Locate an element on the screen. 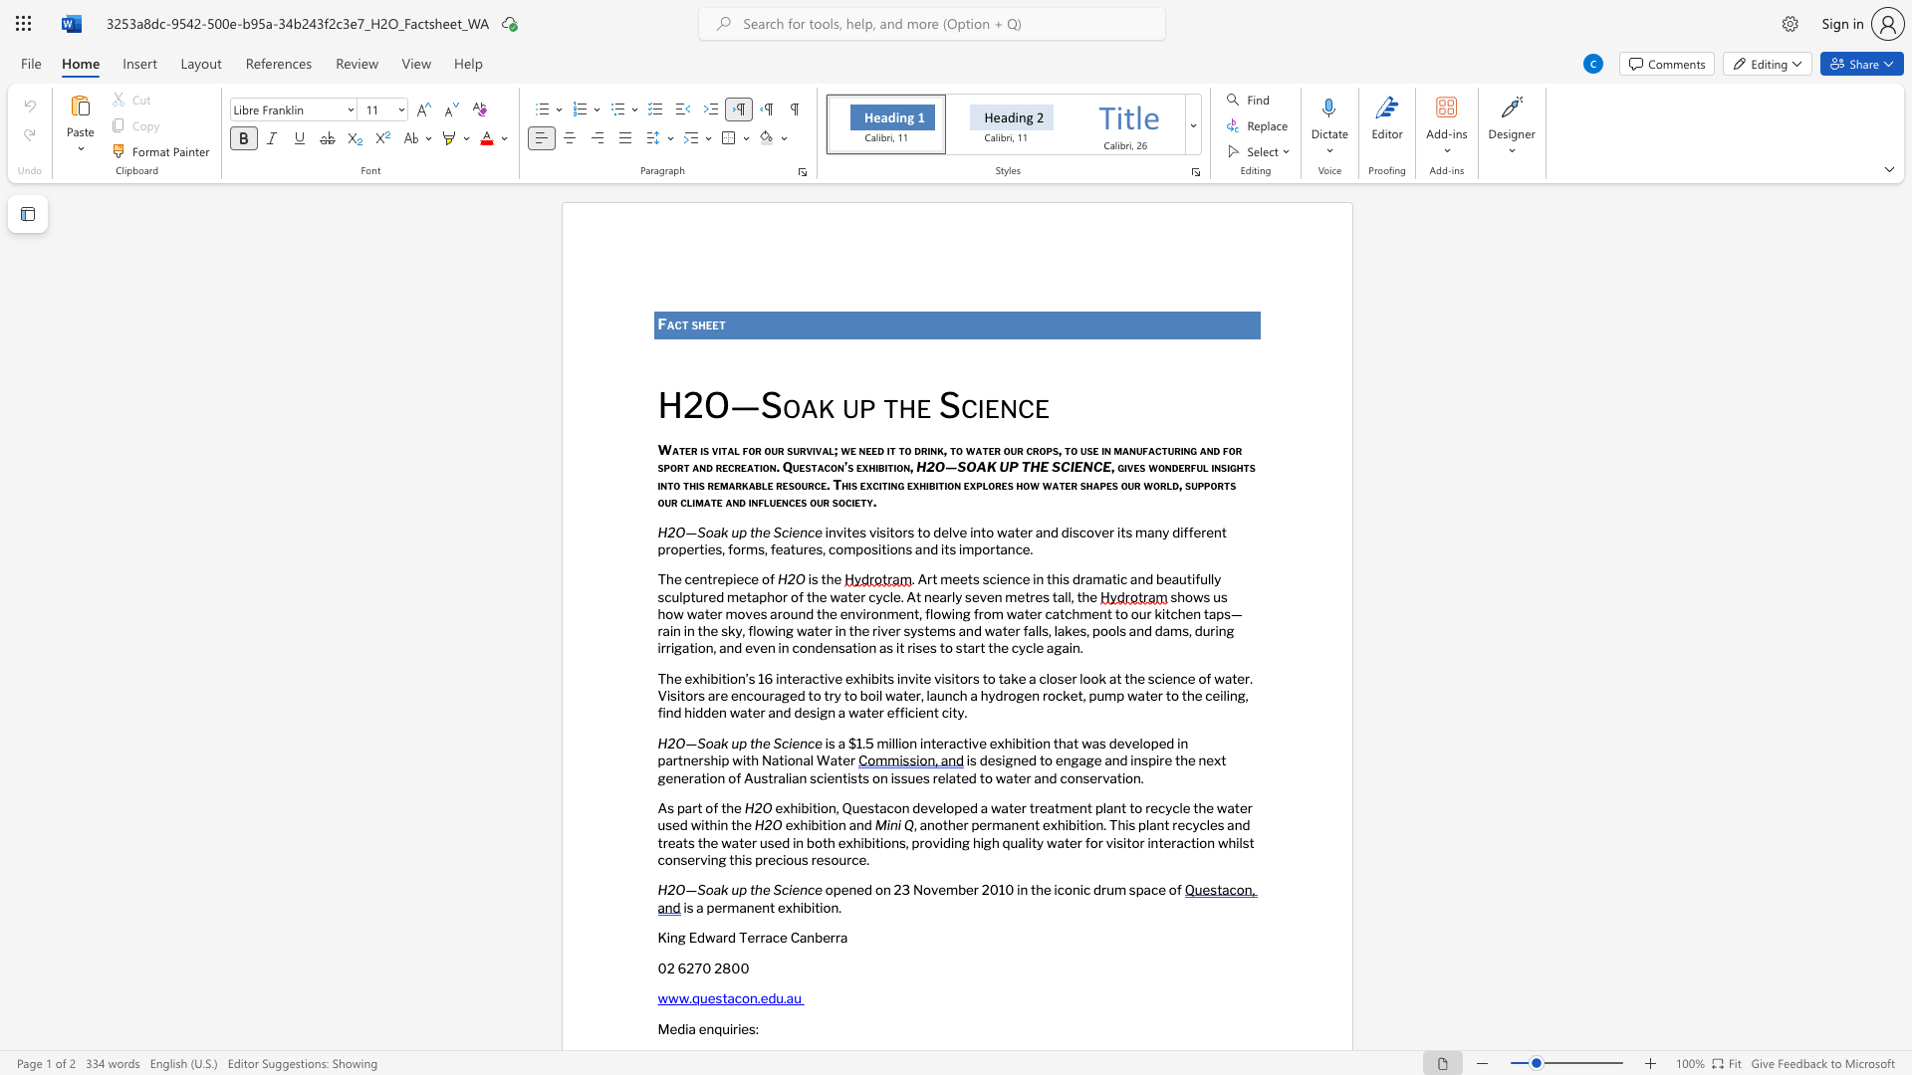 This screenshot has width=1912, height=1075. the subset text "imp" within the text "and its importance." is located at coordinates (959, 548).